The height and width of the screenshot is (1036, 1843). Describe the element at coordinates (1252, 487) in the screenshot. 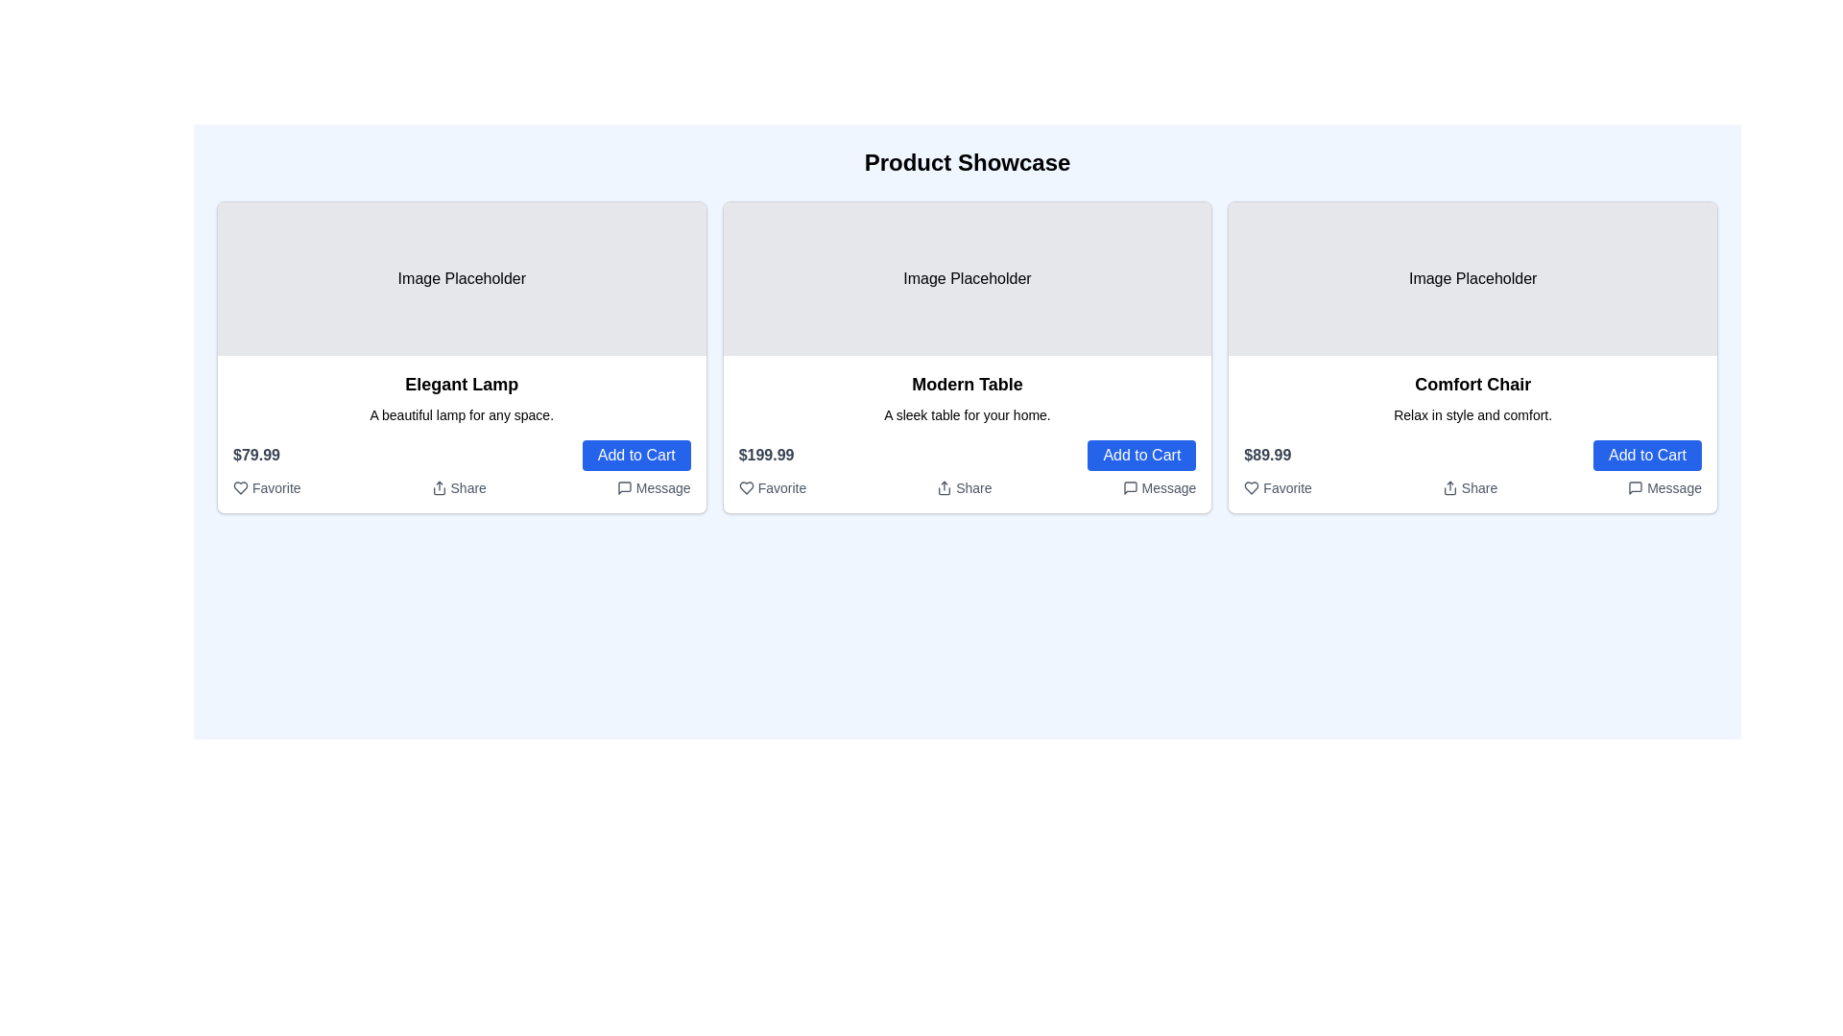

I see `the heart-shaped outline icon located at the bottom-left corner of the 'Comfort Chair' product card to favorite the item` at that location.